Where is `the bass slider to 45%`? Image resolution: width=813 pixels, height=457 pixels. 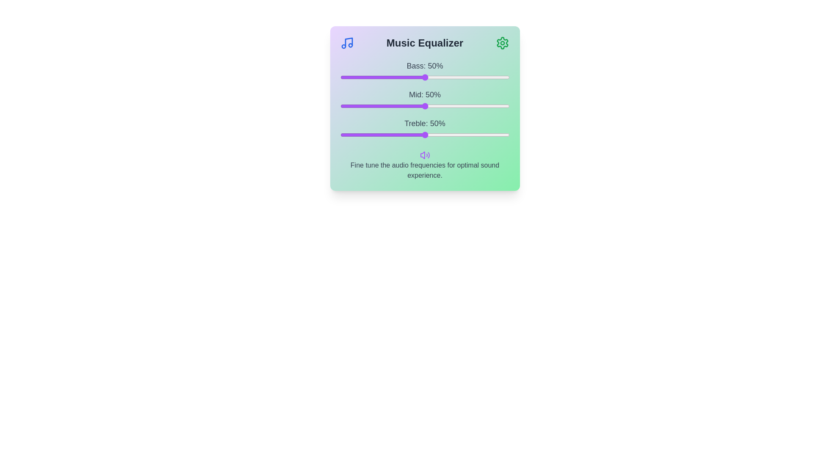
the bass slider to 45% is located at coordinates (416, 77).